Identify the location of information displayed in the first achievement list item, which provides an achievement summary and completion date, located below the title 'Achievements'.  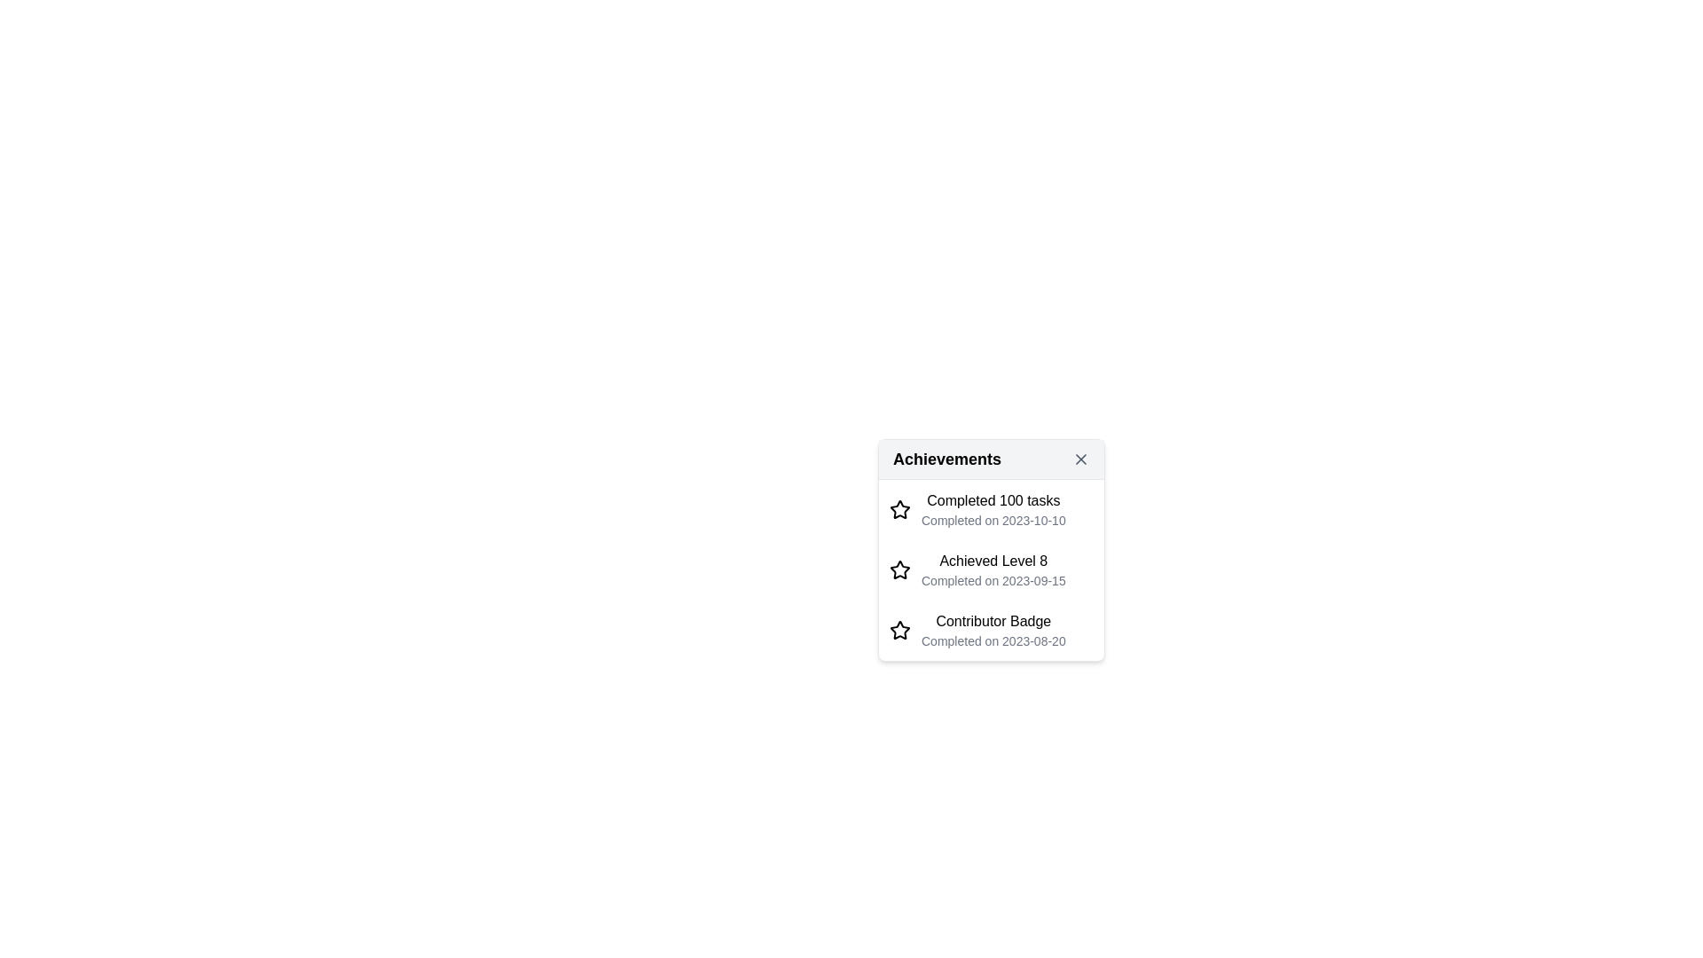
(991, 509).